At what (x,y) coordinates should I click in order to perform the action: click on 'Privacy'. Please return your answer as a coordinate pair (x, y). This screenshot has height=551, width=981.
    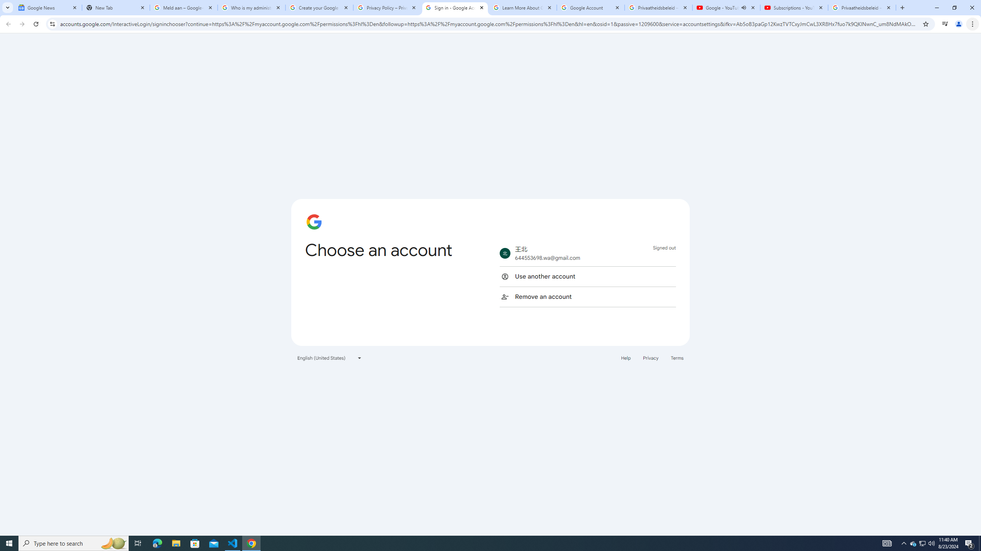
    Looking at the image, I should click on (650, 357).